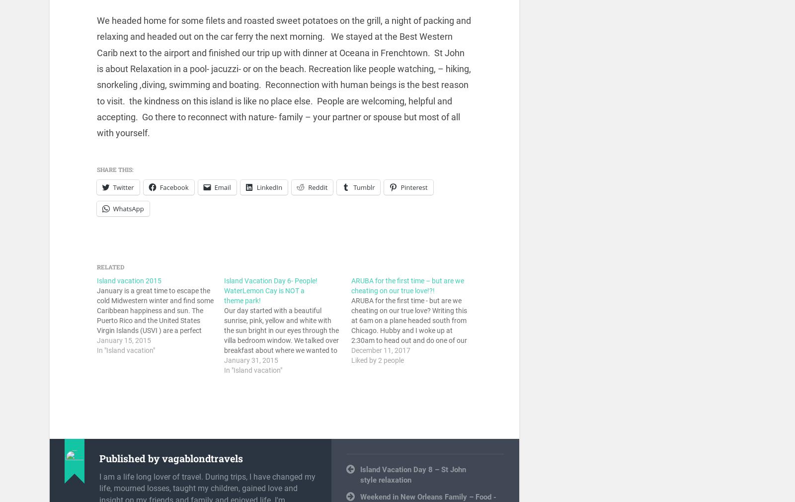 This screenshot has width=795, height=502. I want to click on 'Email', so click(222, 187).